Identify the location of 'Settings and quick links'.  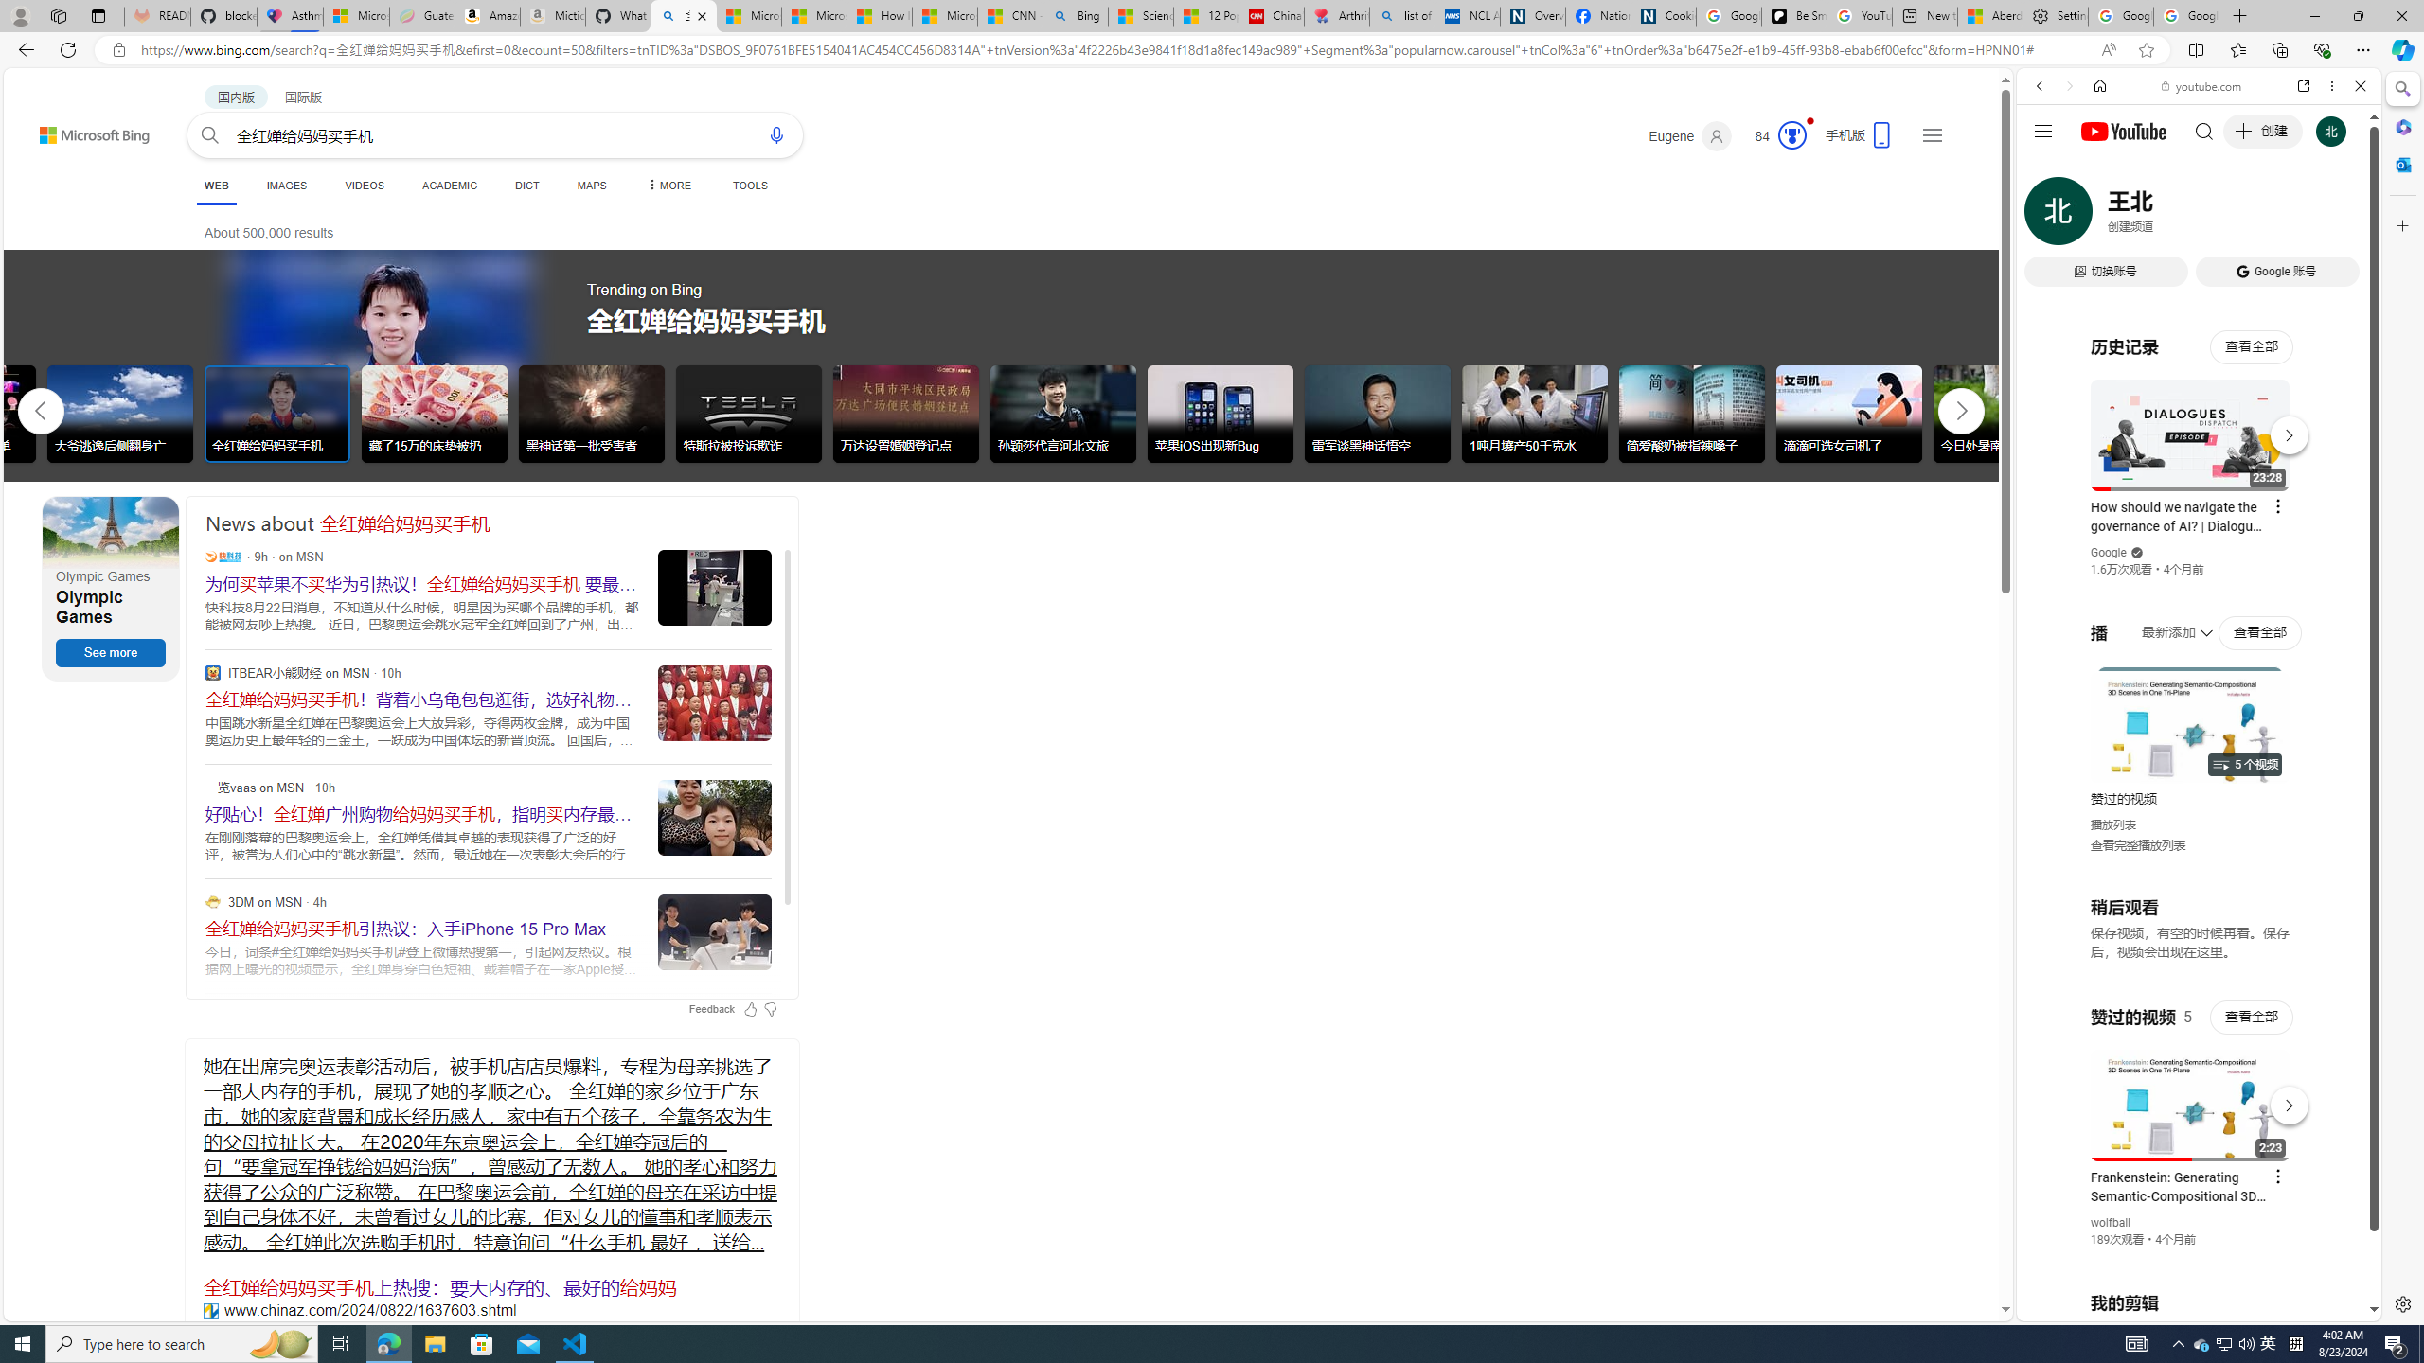
(1931, 133).